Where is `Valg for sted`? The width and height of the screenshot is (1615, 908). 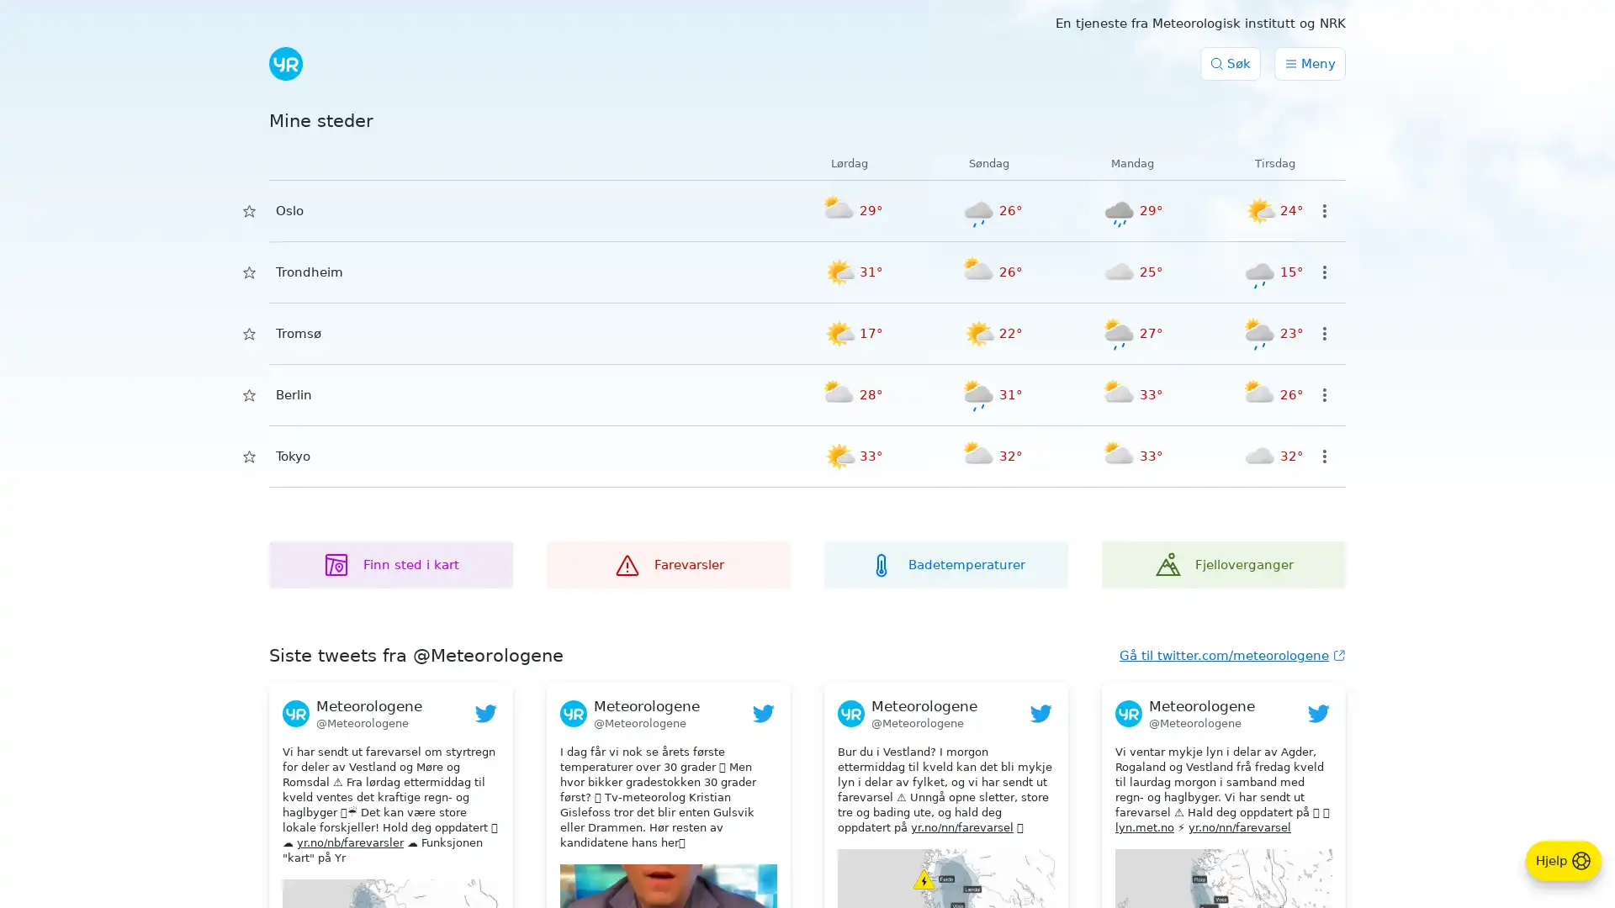 Valg for sted is located at coordinates (1323, 395).